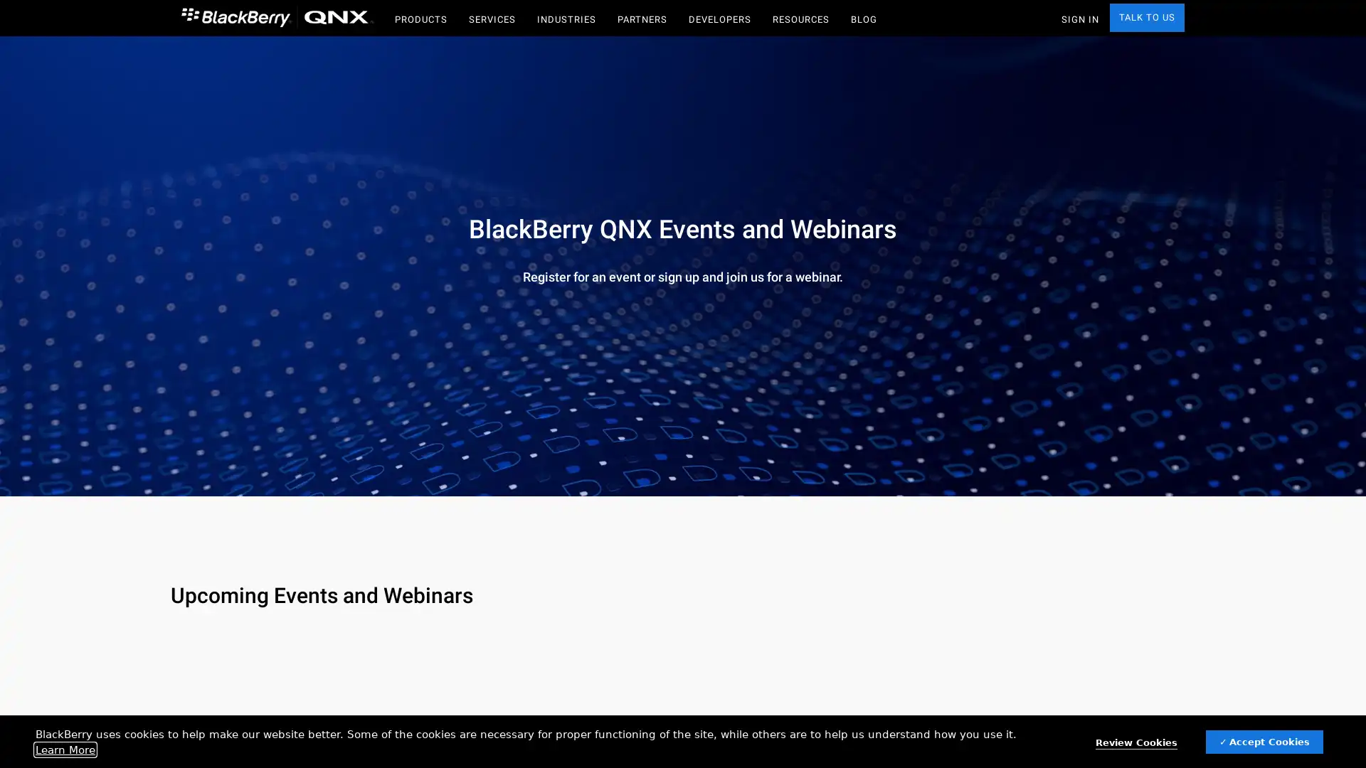 This screenshot has width=1366, height=768. I want to click on Review Cookies, so click(1135, 742).